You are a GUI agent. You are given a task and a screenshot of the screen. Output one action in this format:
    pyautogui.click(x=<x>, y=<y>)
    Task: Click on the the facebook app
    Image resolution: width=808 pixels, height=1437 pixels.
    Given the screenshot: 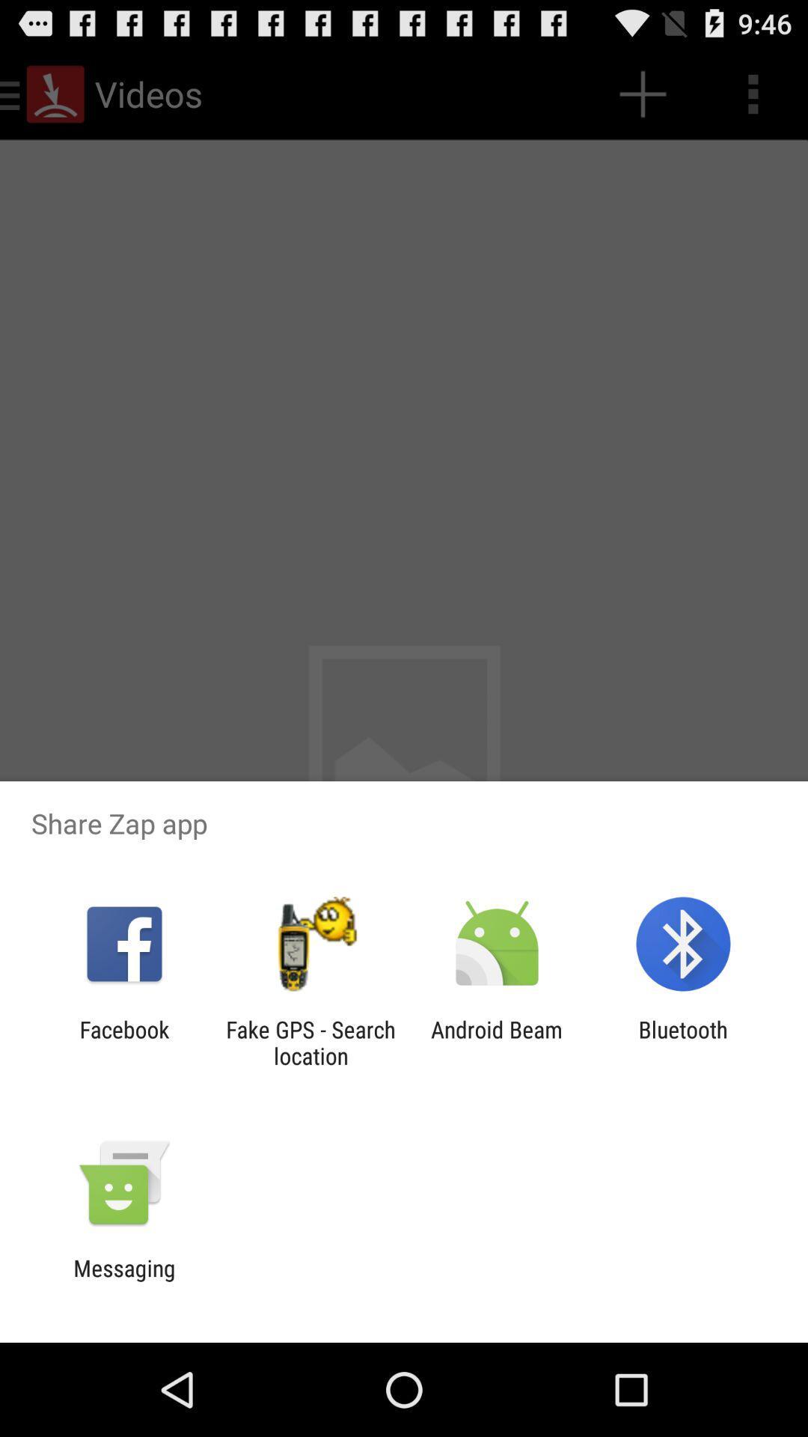 What is the action you would take?
    pyautogui.click(x=123, y=1042)
    